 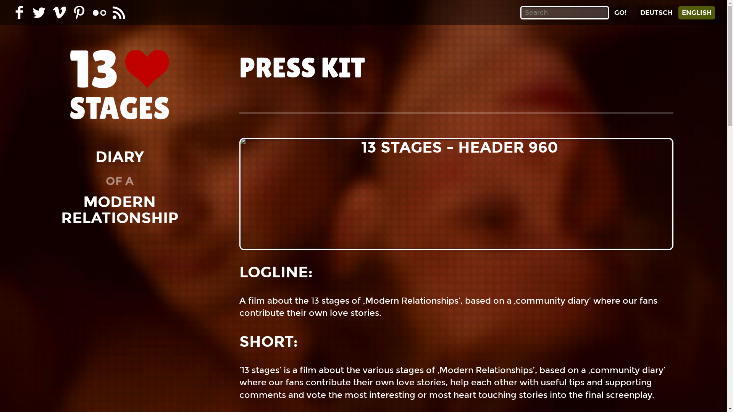 I want to click on ''13 Stufen' auf pinterest', so click(x=79, y=12).